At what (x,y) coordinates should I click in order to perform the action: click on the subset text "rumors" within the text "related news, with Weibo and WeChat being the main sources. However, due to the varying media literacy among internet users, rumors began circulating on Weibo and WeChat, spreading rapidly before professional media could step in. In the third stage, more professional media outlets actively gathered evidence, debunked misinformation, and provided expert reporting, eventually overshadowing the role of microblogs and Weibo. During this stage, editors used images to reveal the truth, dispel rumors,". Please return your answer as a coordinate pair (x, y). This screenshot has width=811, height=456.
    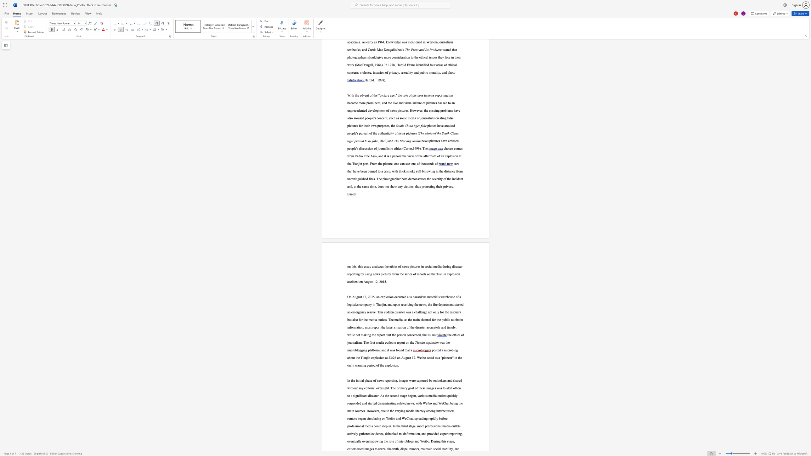
    Looking at the image, I should click on (409, 449).